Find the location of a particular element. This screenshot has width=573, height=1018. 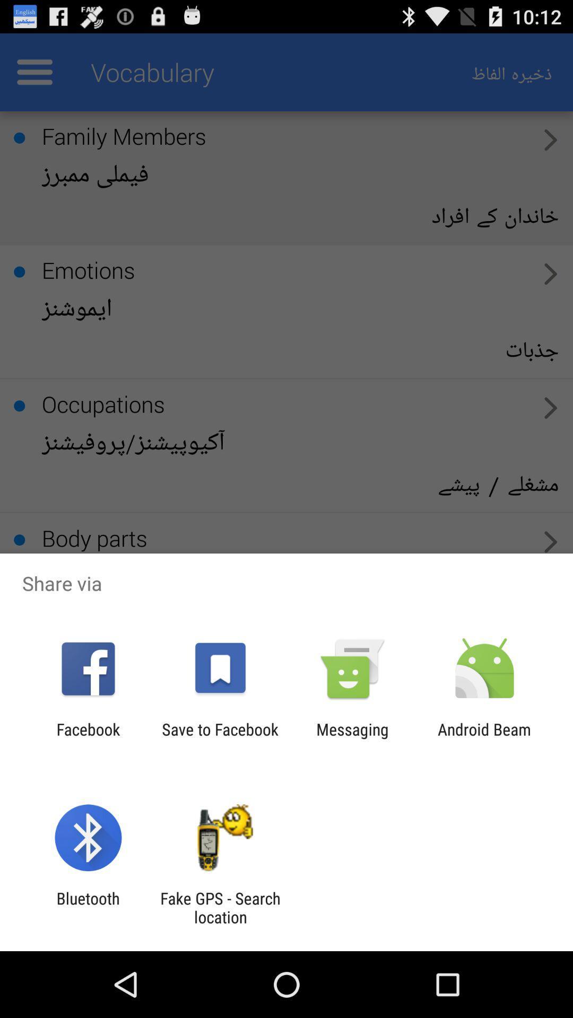

app to the right of facebook icon is located at coordinates (220, 738).